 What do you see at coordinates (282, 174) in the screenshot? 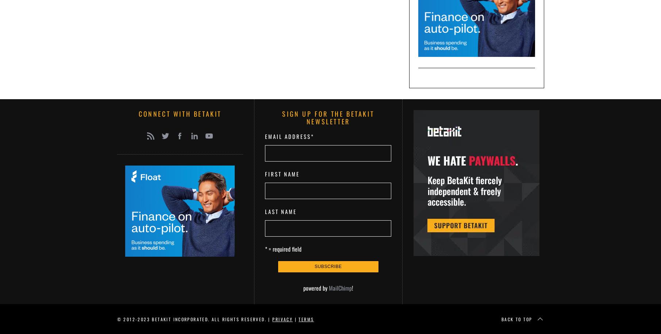
I see `'First Name'` at bounding box center [282, 174].